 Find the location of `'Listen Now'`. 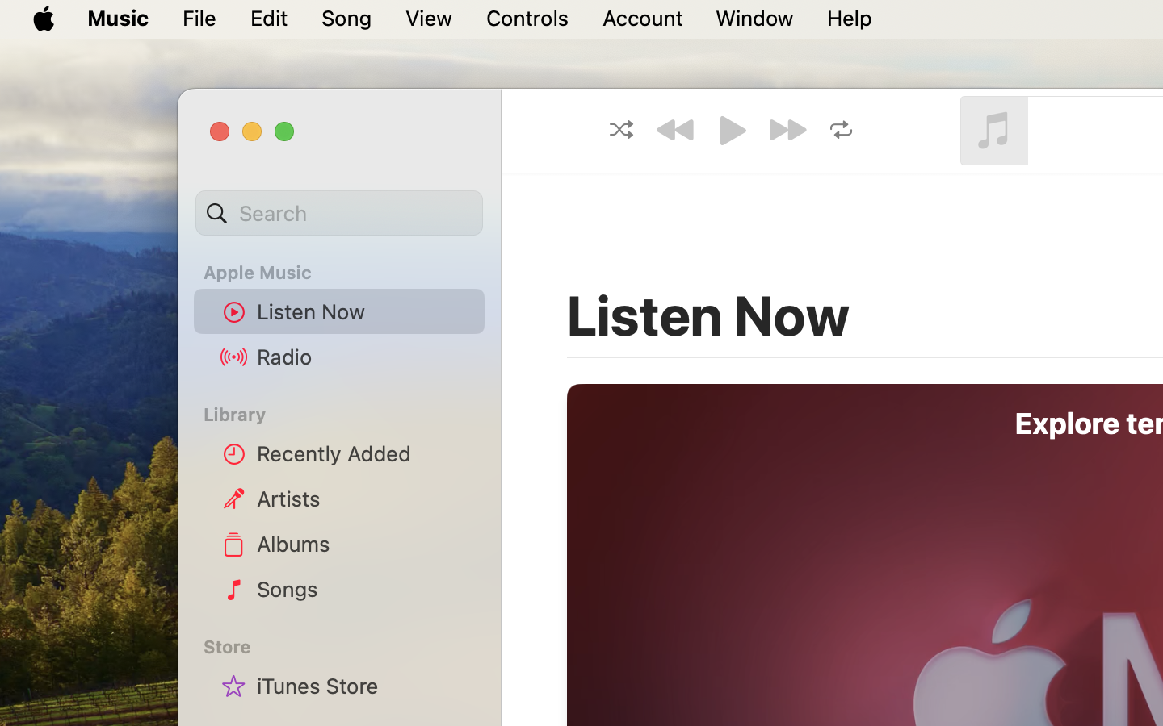

'Listen Now' is located at coordinates (364, 311).